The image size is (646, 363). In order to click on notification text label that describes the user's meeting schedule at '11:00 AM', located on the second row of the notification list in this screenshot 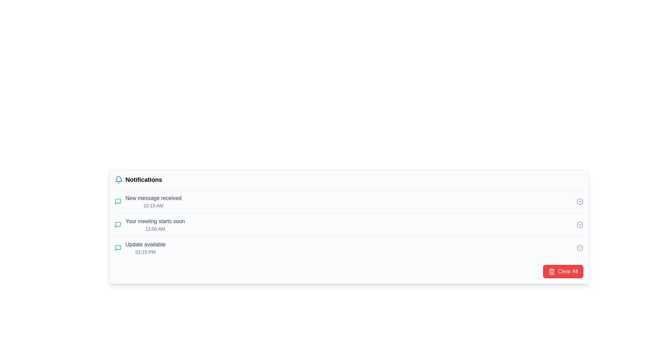, I will do `click(155, 221)`.